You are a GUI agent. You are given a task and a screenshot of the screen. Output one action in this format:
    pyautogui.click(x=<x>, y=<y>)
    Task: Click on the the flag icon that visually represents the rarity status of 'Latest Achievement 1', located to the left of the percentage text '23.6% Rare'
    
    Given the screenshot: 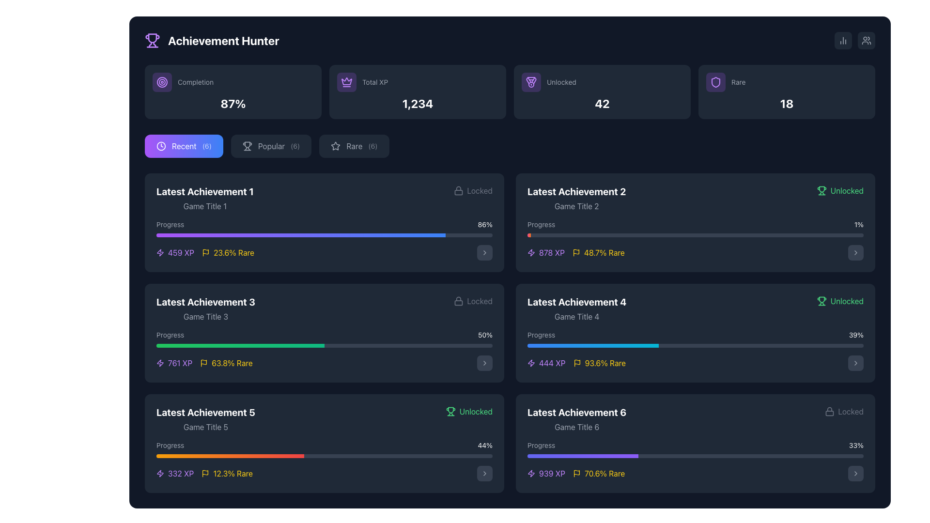 What is the action you would take?
    pyautogui.click(x=205, y=252)
    